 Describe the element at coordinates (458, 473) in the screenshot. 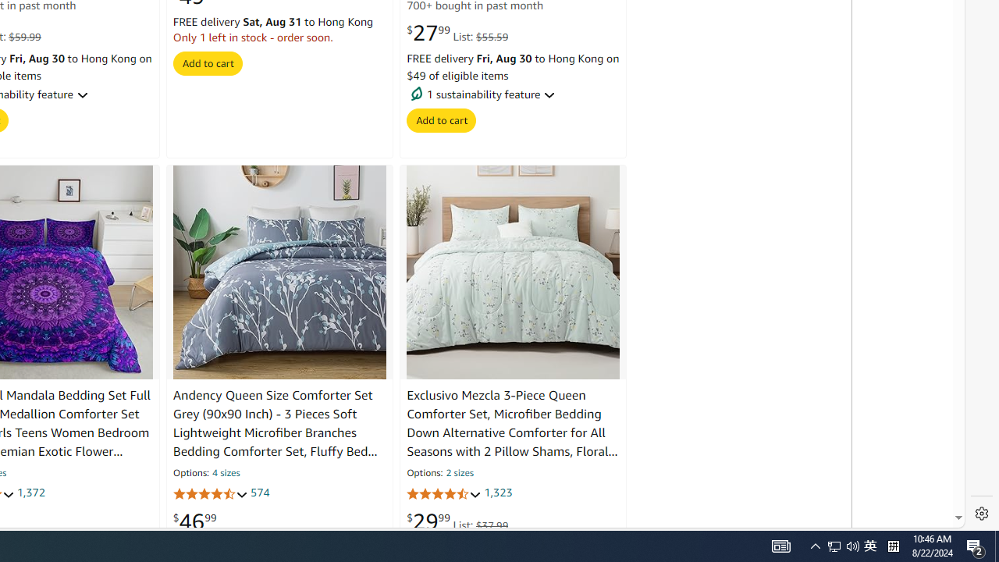

I see `'2 sizes'` at that location.